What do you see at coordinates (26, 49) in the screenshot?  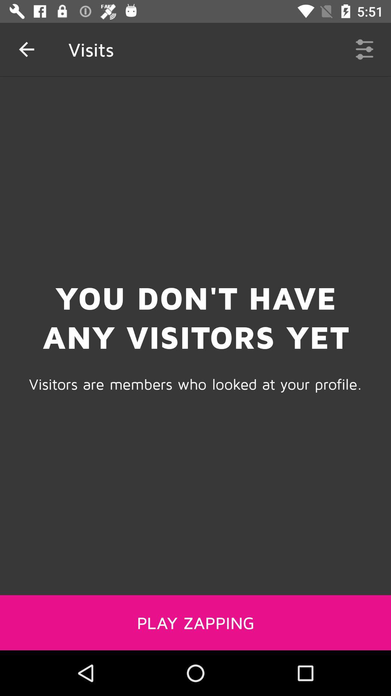 I see `the item above you don t item` at bounding box center [26, 49].